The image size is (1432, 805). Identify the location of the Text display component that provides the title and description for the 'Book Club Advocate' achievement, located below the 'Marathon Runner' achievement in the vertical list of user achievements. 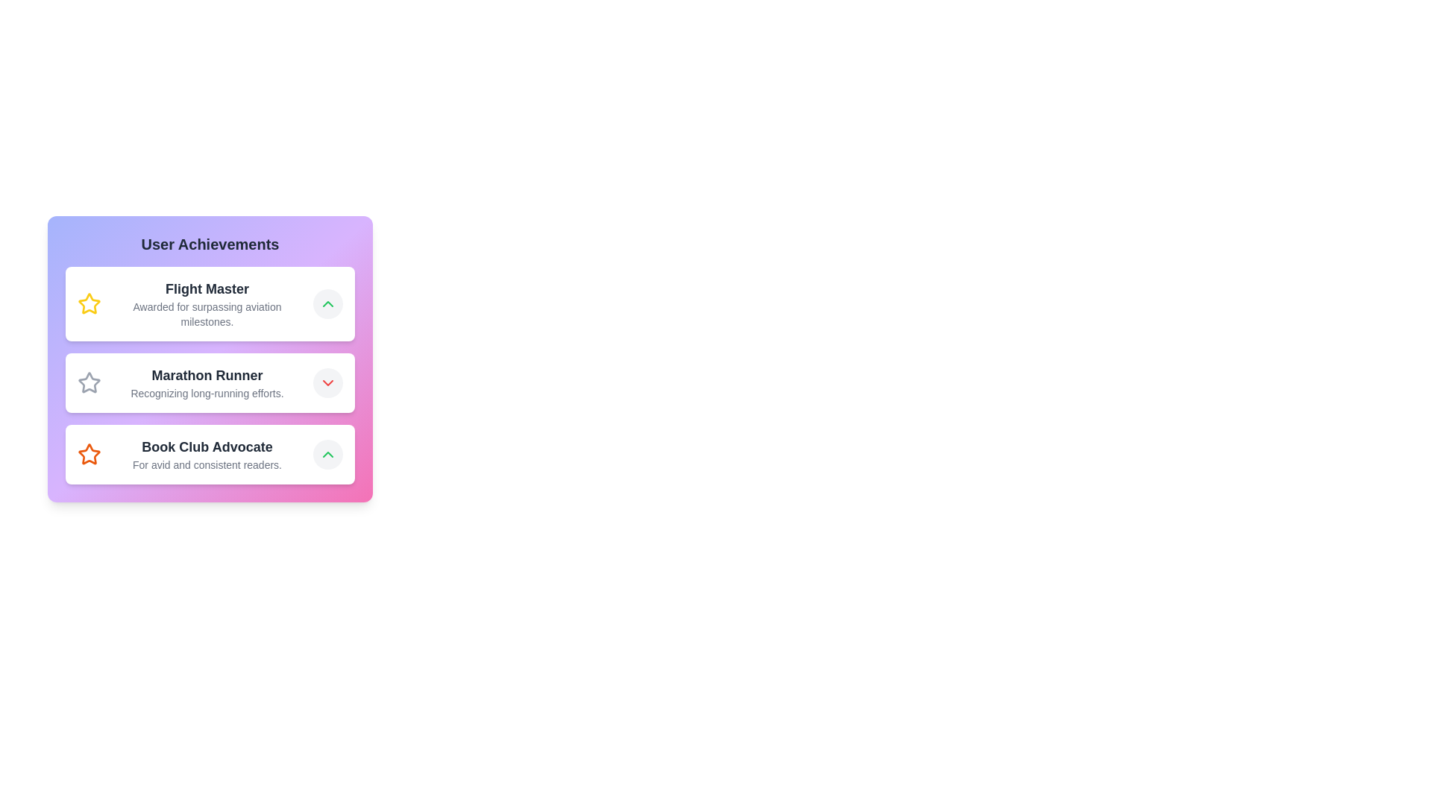
(207, 453).